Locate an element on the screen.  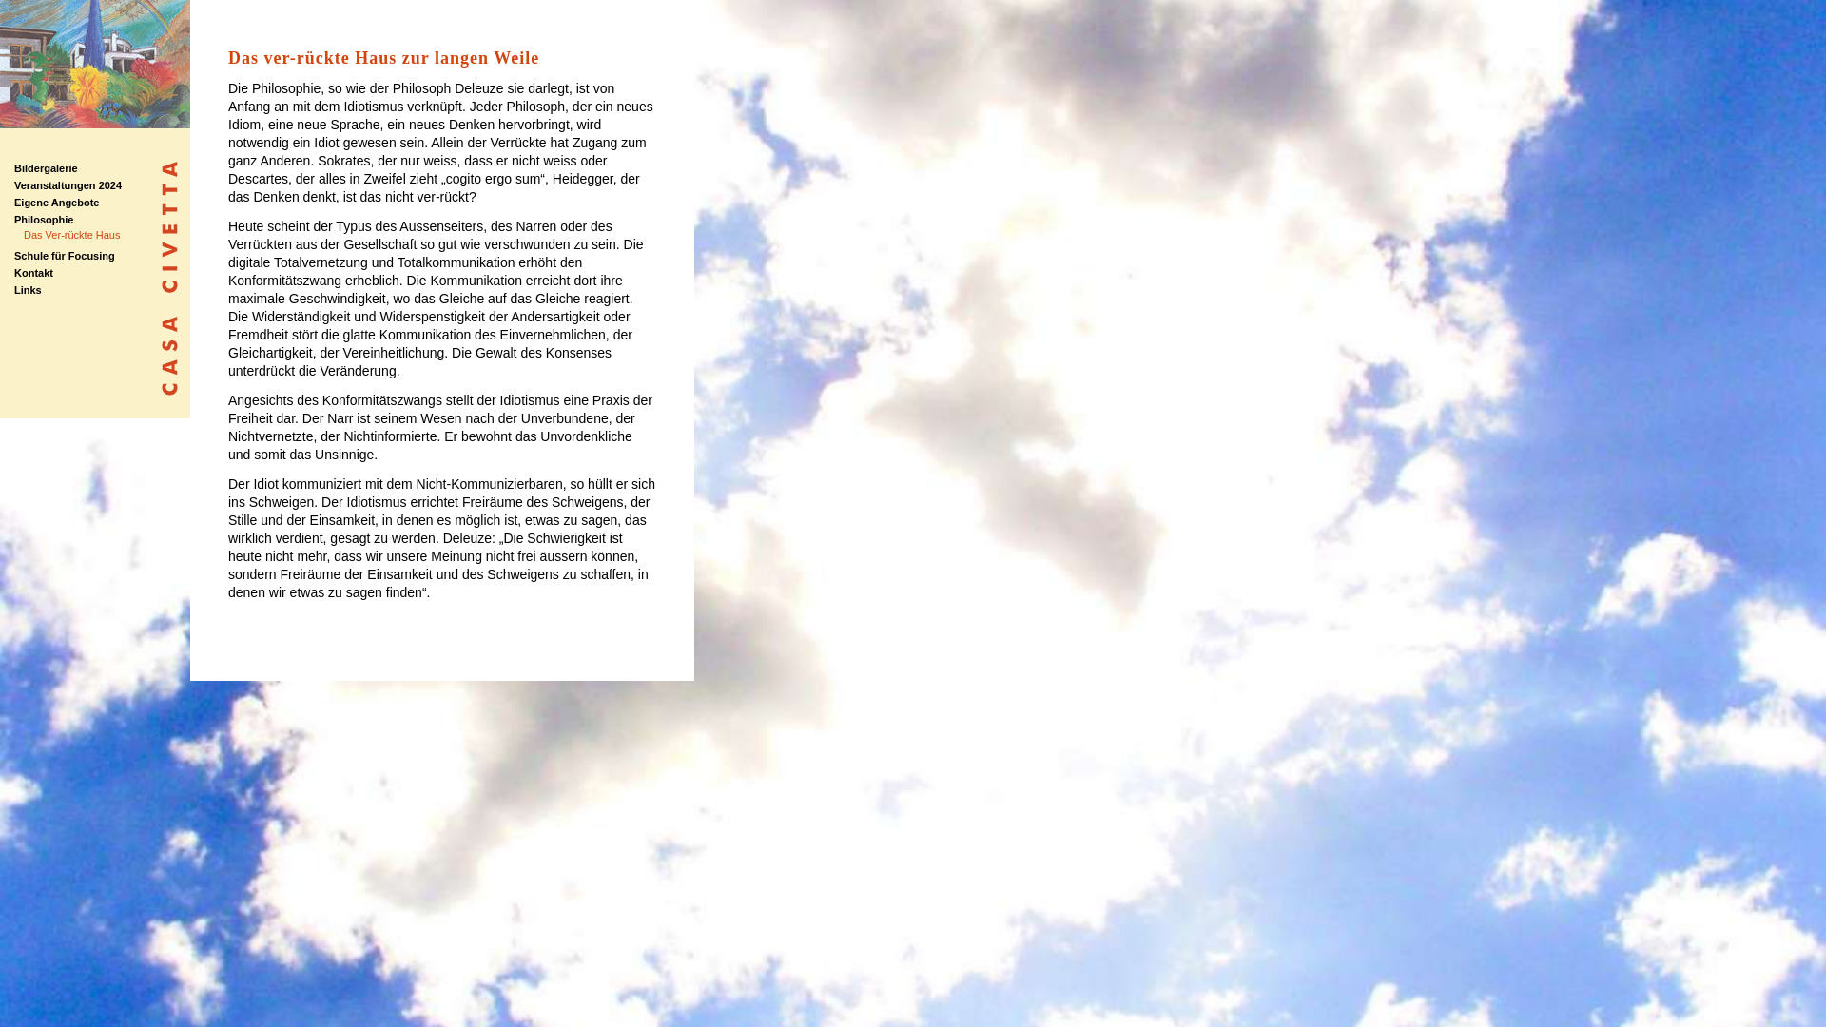
'Eigene Angebote' is located at coordinates (56, 202).